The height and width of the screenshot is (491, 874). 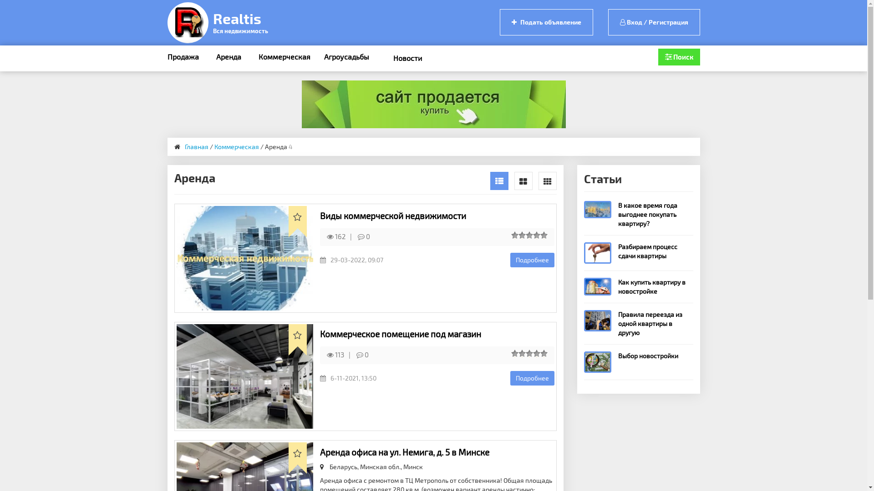 What do you see at coordinates (538, 235) in the screenshot?
I see `'4'` at bounding box center [538, 235].